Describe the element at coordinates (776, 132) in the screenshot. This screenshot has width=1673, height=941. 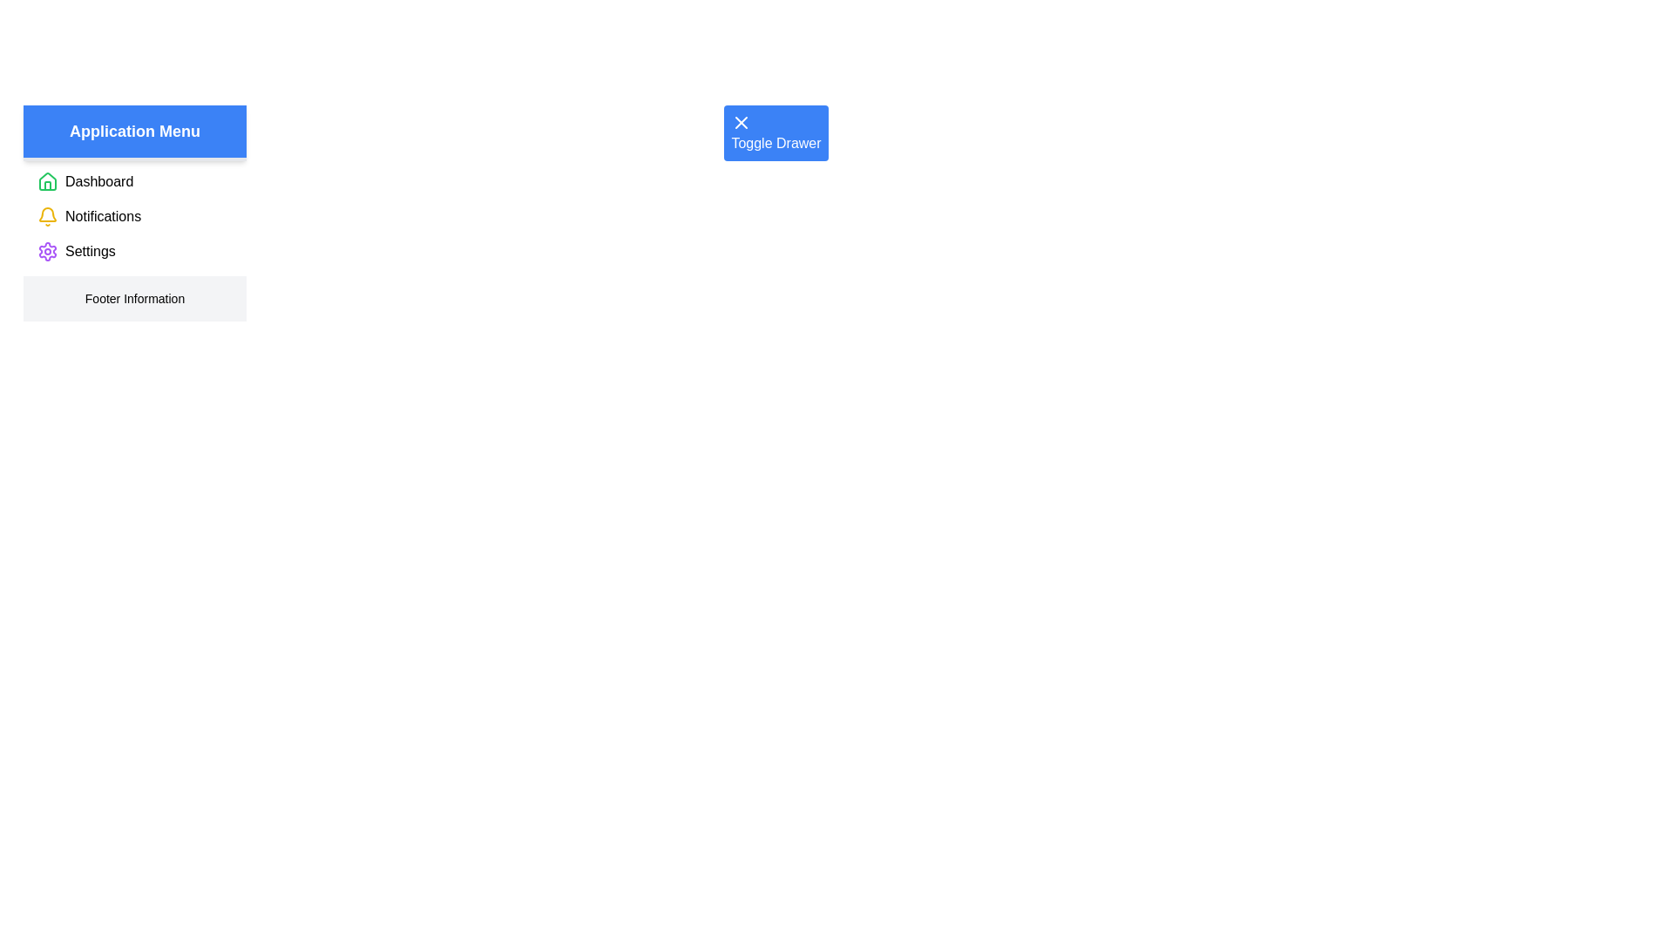
I see `the 'Toggle Drawer' button to toggle the drawer state` at that location.